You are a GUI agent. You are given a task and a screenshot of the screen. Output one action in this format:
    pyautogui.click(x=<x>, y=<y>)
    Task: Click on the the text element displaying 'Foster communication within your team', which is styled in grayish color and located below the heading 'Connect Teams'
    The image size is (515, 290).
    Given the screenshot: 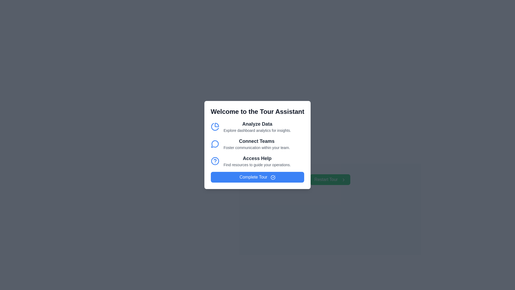 What is the action you would take?
    pyautogui.click(x=256, y=148)
    